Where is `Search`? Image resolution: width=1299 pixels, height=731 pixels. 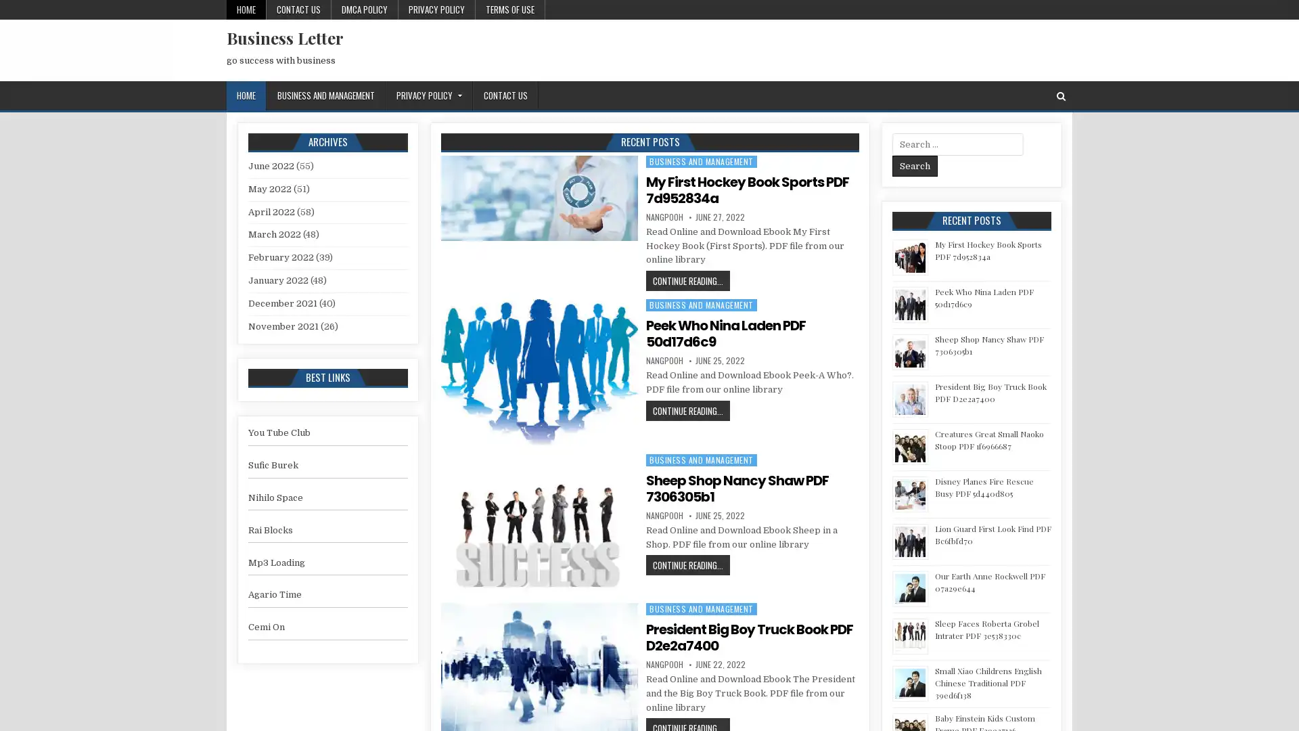 Search is located at coordinates (914, 165).